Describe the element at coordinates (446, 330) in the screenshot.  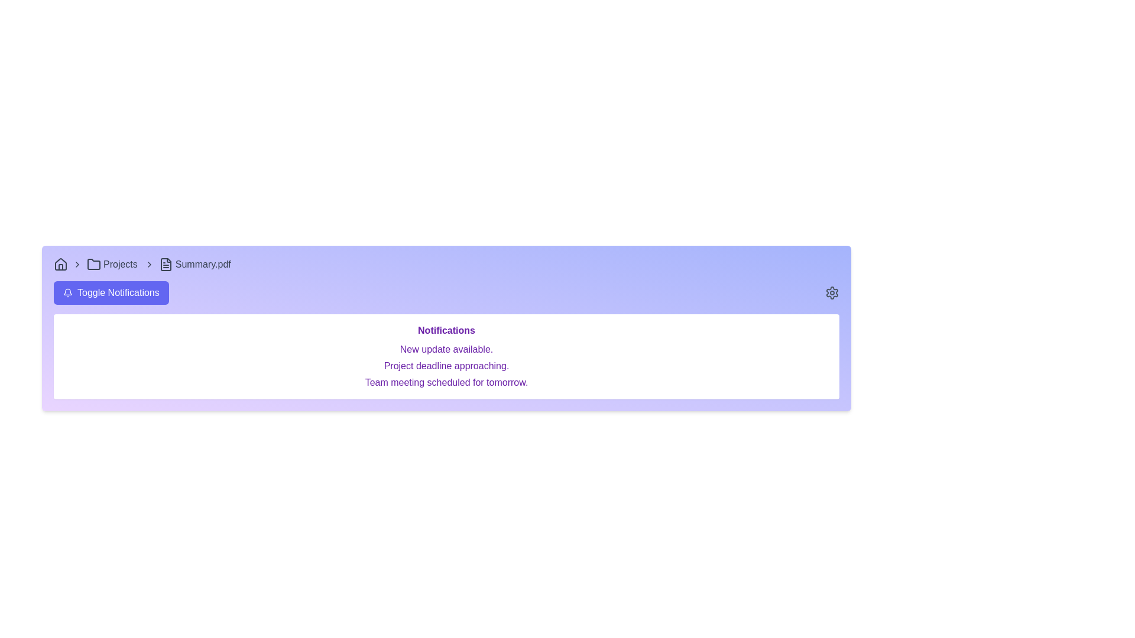
I see `the static text element that serves as the title for the notifications section, located above the list of notifications` at that location.